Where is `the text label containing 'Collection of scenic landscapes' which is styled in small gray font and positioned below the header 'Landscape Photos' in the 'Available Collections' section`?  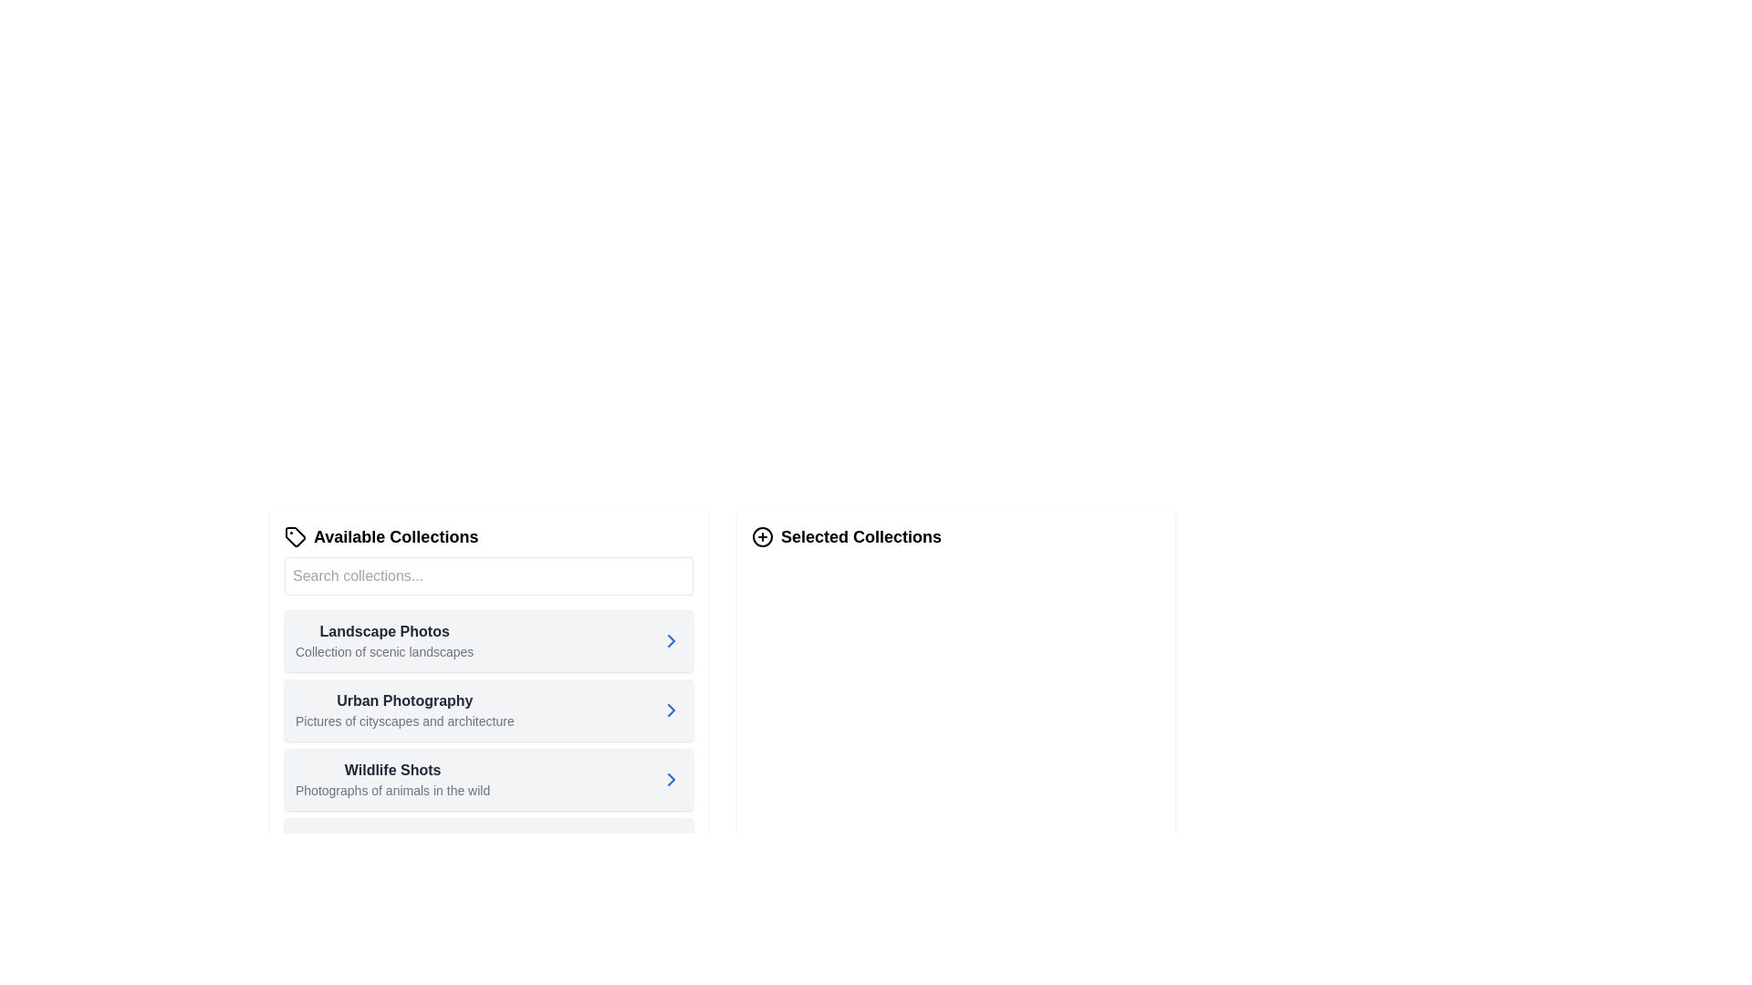 the text label containing 'Collection of scenic landscapes' which is styled in small gray font and positioned below the header 'Landscape Photos' in the 'Available Collections' section is located at coordinates (383, 650).